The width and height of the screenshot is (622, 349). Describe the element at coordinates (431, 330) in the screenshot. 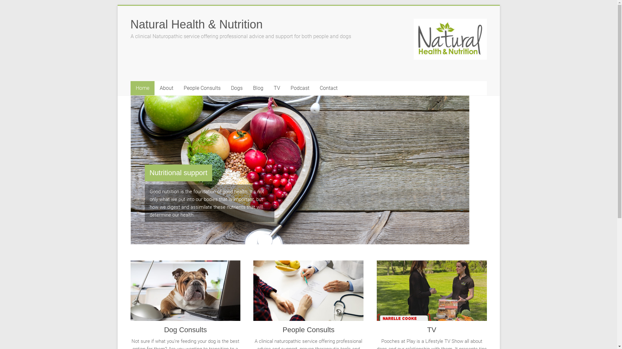

I see `'TV'` at that location.